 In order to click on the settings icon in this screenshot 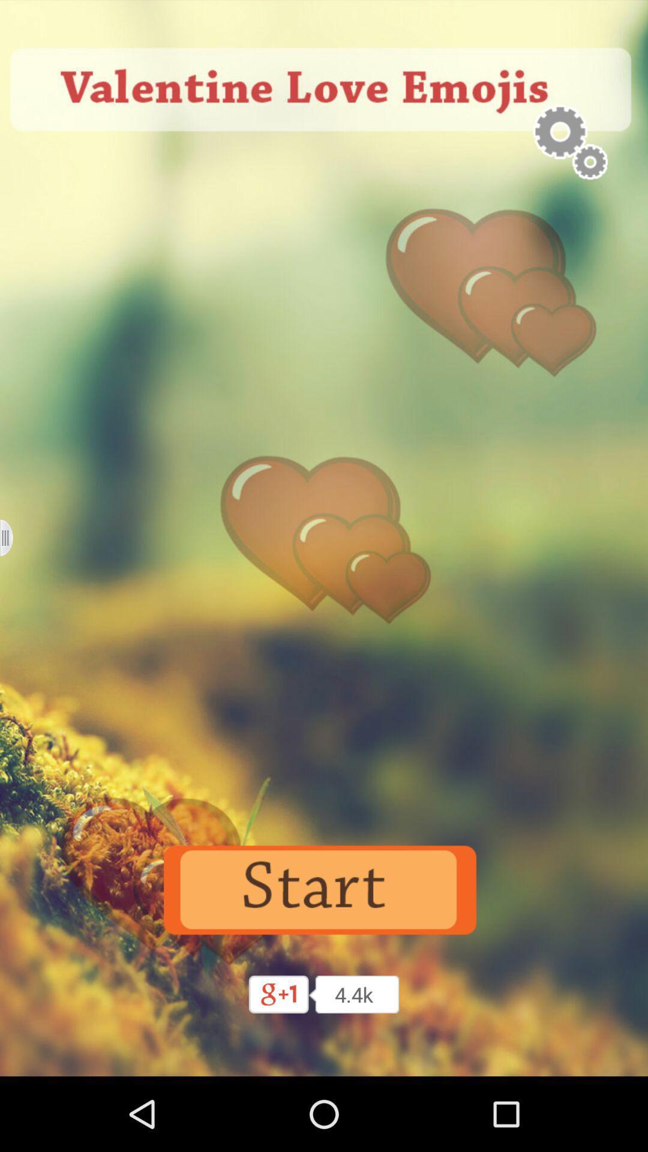, I will do `click(568, 151)`.